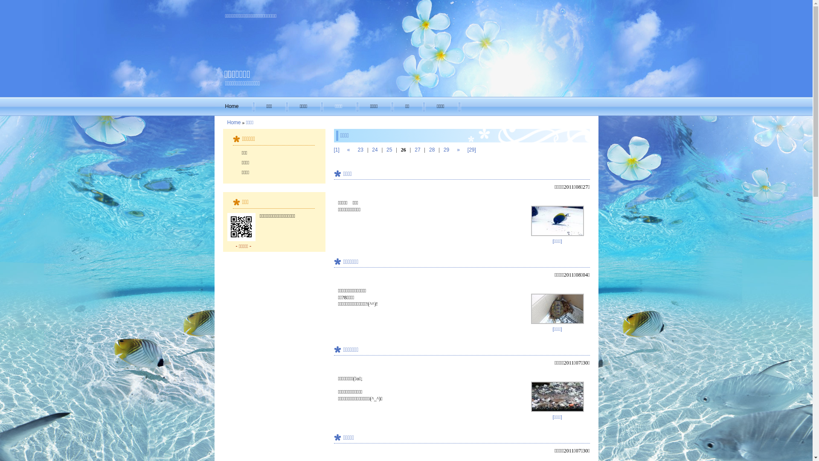 This screenshot has width=819, height=461. What do you see at coordinates (389, 149) in the screenshot?
I see `'25'` at bounding box center [389, 149].